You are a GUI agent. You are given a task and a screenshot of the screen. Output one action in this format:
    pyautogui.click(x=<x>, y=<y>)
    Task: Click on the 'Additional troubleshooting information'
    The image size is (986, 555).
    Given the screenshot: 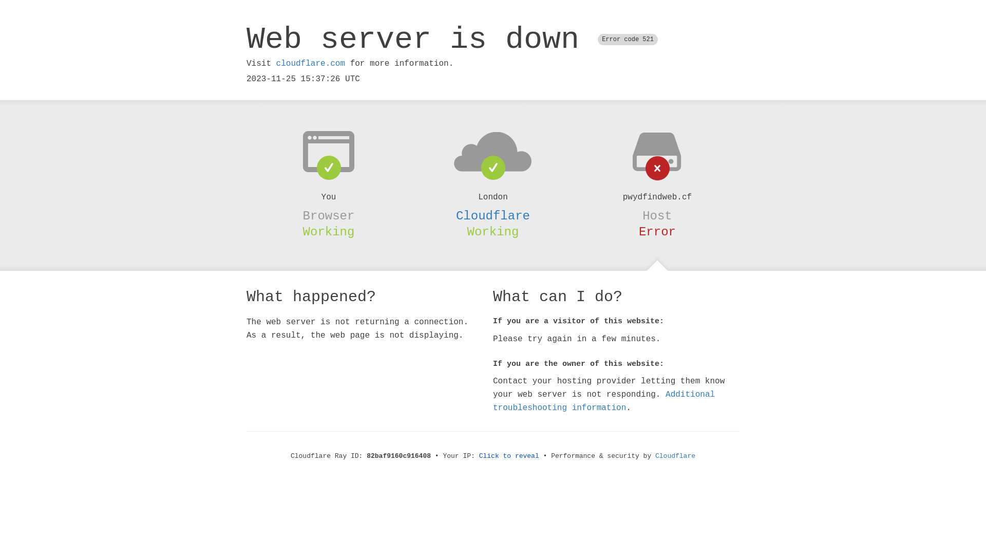 What is the action you would take?
    pyautogui.click(x=604, y=400)
    